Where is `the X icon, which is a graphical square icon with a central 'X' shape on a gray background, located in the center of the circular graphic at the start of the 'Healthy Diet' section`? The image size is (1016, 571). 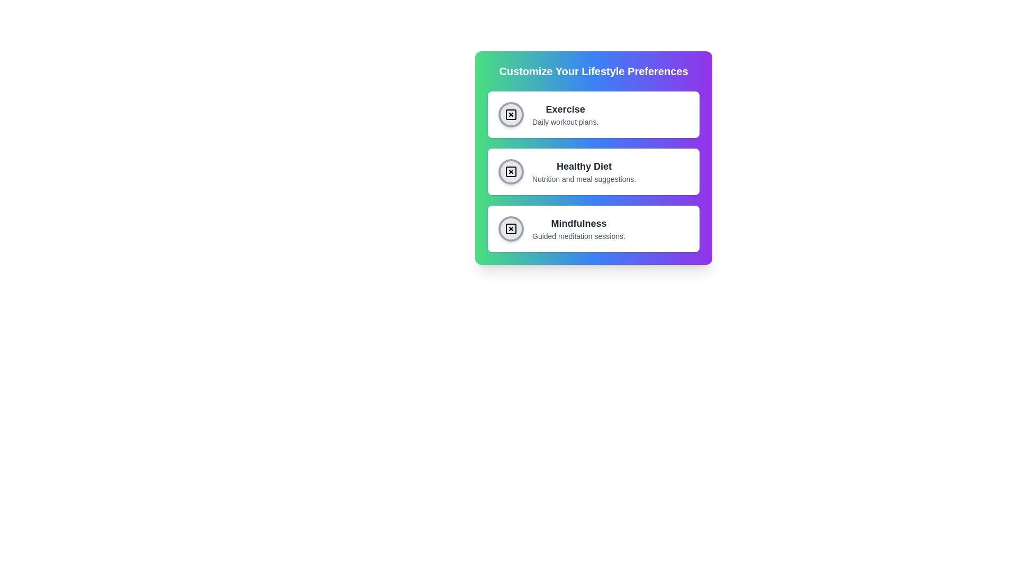 the X icon, which is a graphical square icon with a central 'X' shape on a gray background, located in the center of the circular graphic at the start of the 'Healthy Diet' section is located at coordinates (511, 171).